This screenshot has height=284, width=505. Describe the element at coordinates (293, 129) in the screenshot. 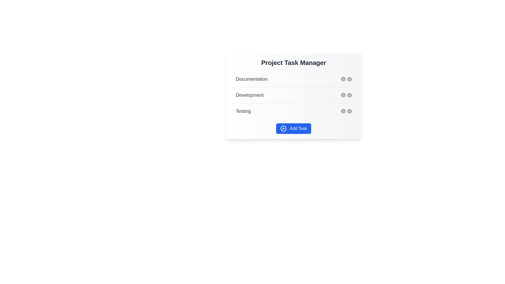

I see `the rectangular blue button labeled 'Add Task' located in the footer section of the task management interface` at that location.